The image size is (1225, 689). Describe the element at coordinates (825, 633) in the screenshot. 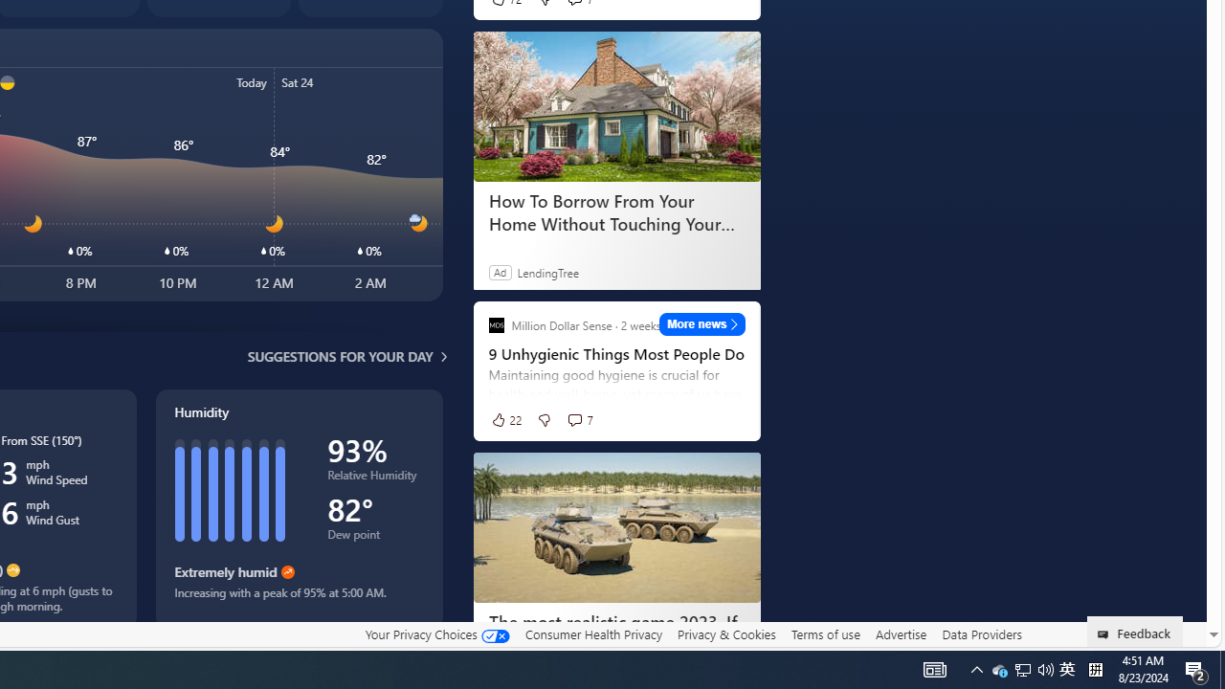

I see `'Terms of use'` at that location.